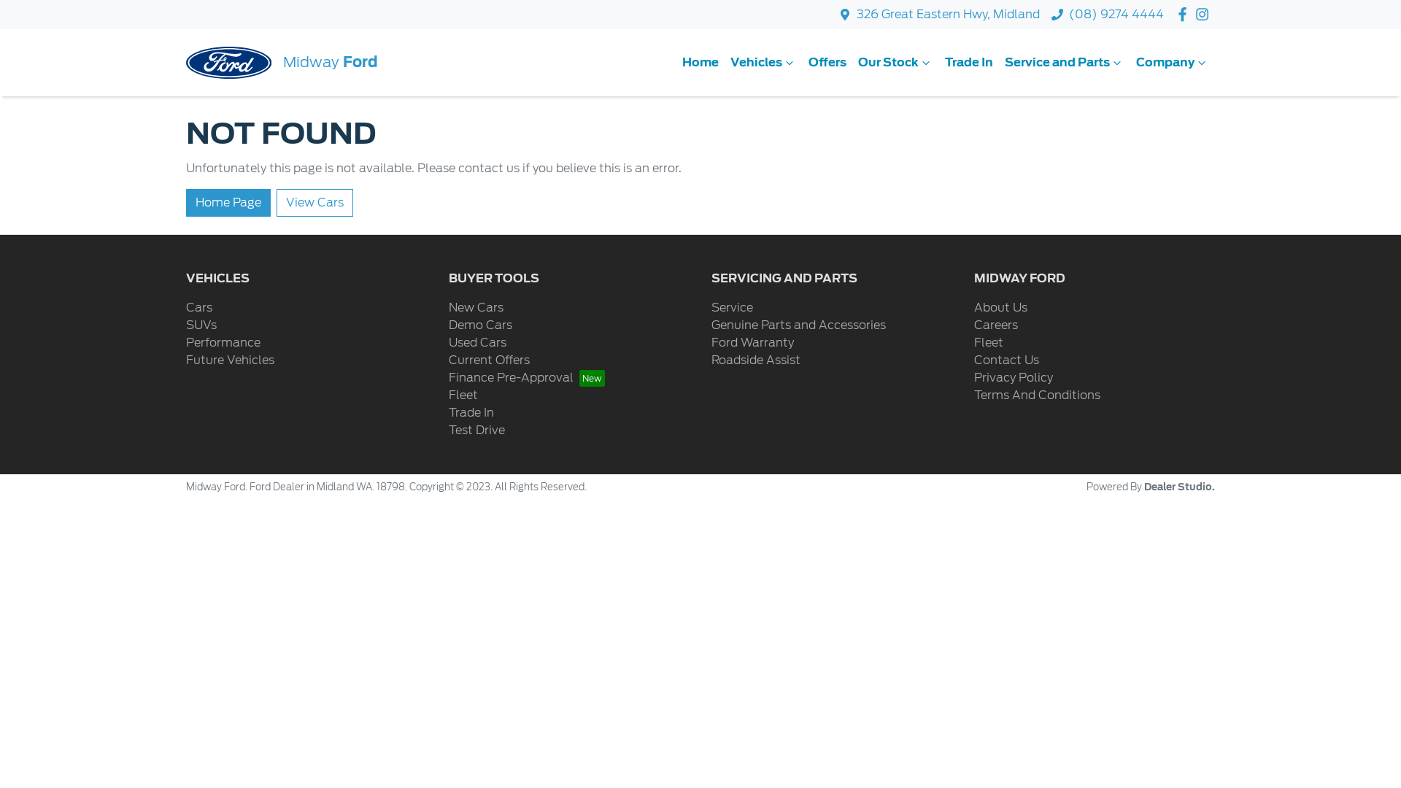 This screenshot has height=788, width=1401. I want to click on 'Our Stock', so click(895, 61).